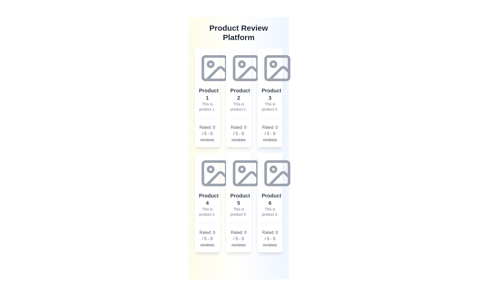 This screenshot has height=281, width=500. I want to click on the placeholder image for Product 6, so click(277, 173).